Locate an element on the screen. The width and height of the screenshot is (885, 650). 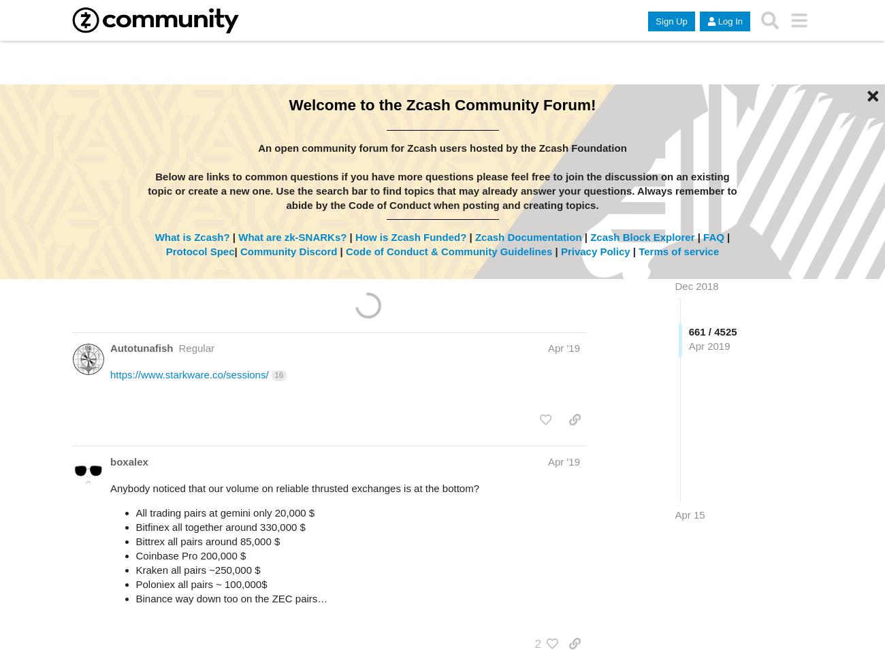
'https://www.starkware.co/sessions/' is located at coordinates (189, 374).